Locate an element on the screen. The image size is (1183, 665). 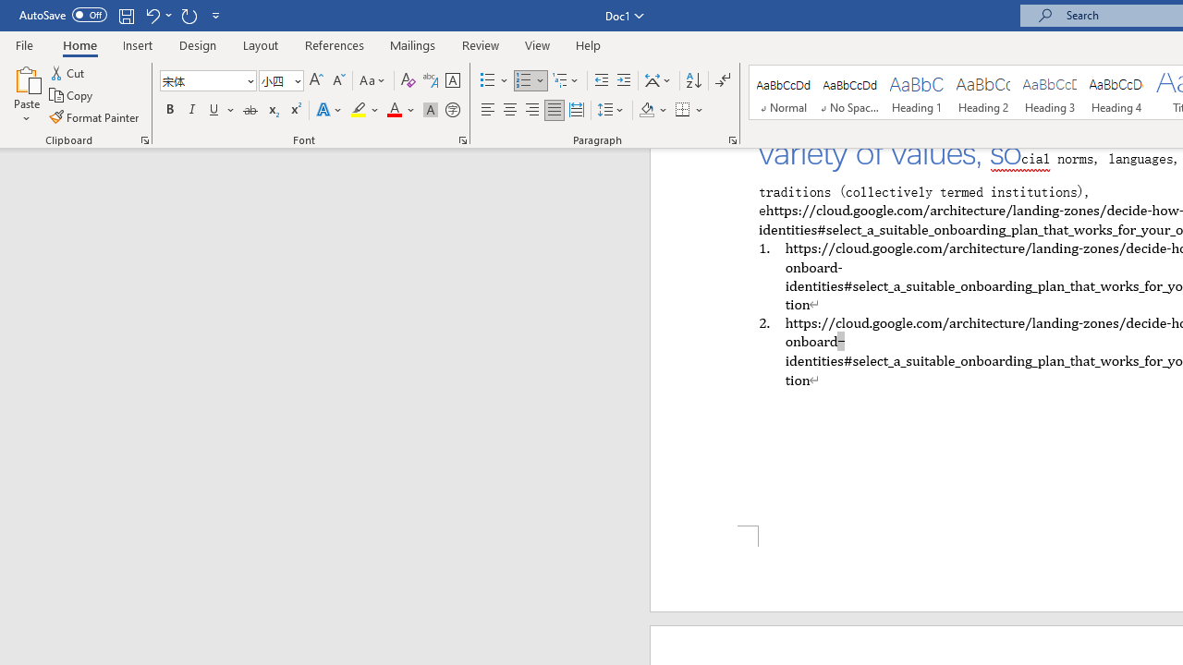
'Font Size' is located at coordinates (280, 79).